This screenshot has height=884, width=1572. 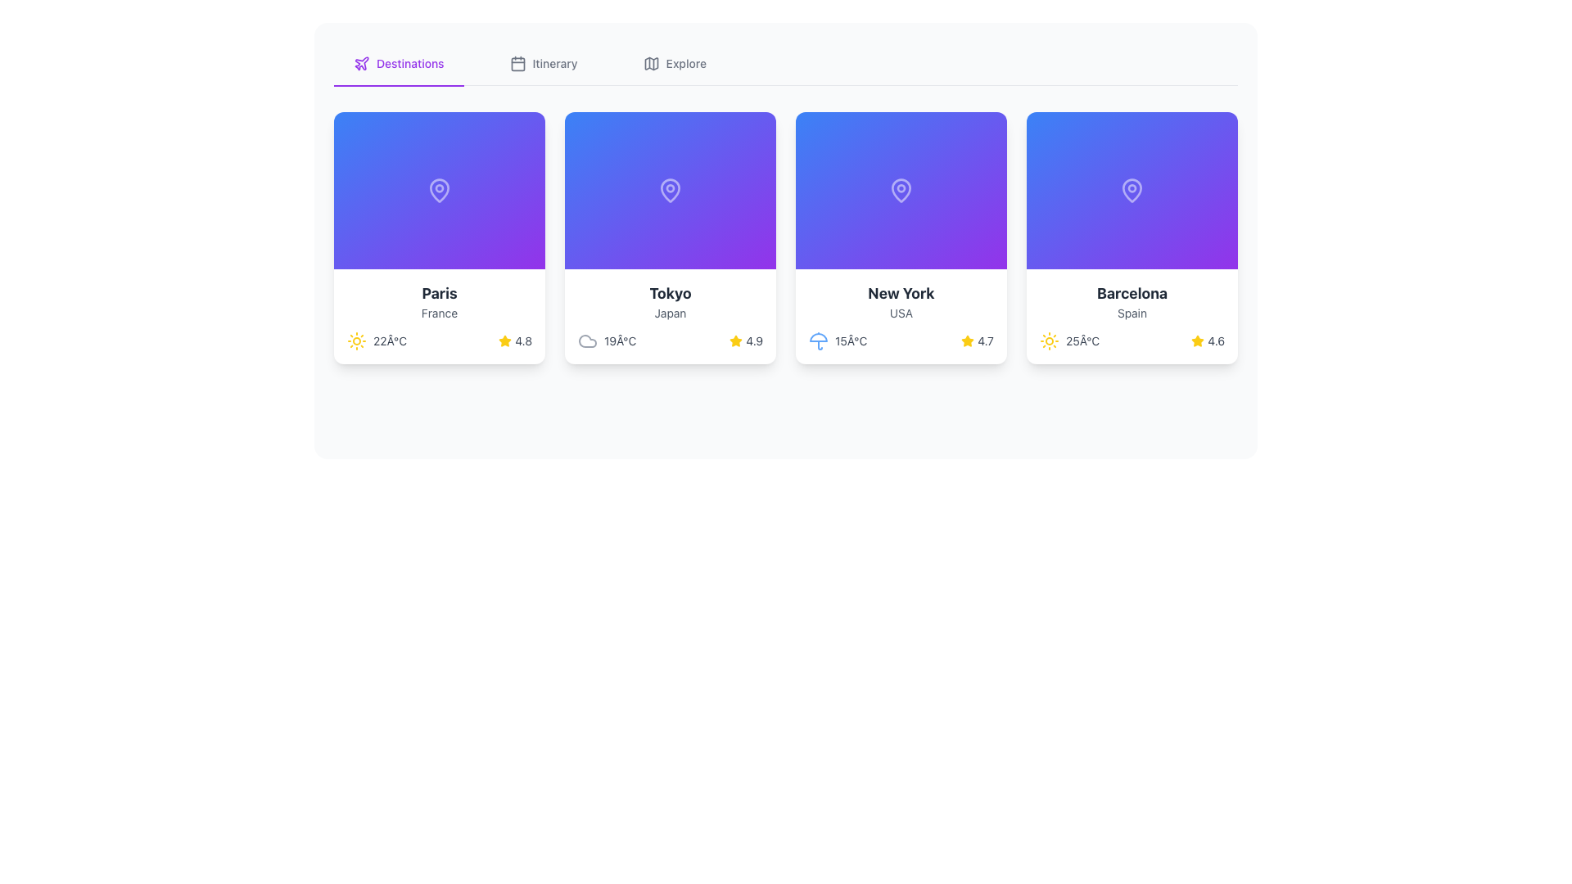 What do you see at coordinates (745, 340) in the screenshot?
I see `the Rating indicator that displays a yellow star icon and the text rating '4.9', located at the bottom-right part of the card labeled 'Tokyo, Japan'` at bounding box center [745, 340].